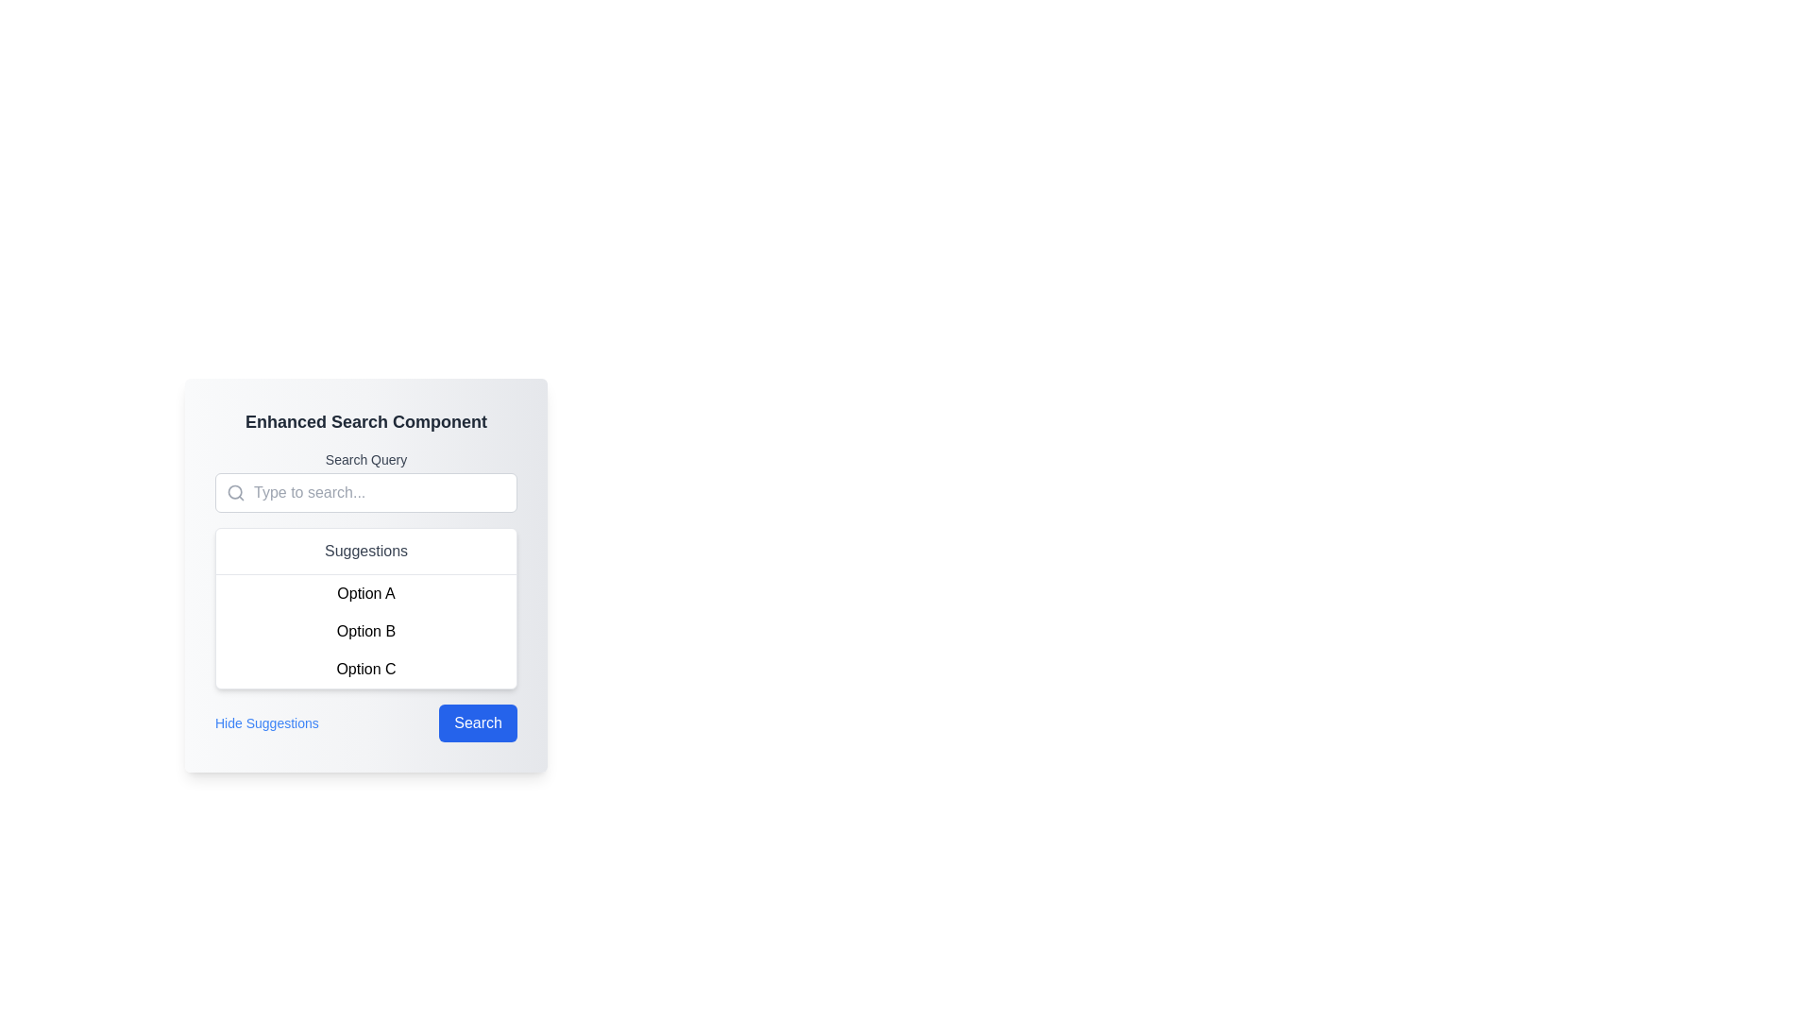  I want to click on the clickable list item labeled 'Option C' to trigger the visual state change, so click(366, 669).